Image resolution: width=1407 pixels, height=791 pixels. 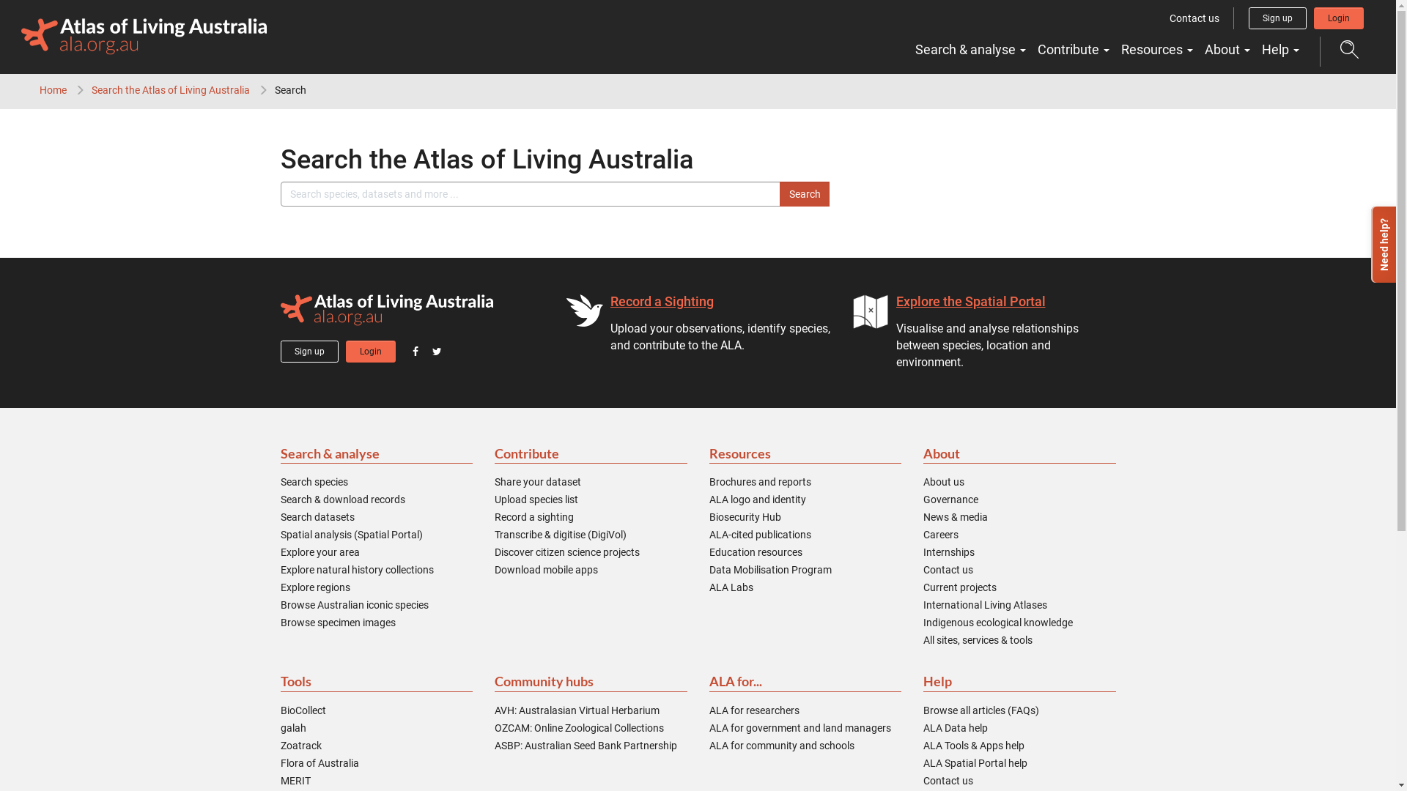 I want to click on 'ALA Data help', so click(x=922, y=728).